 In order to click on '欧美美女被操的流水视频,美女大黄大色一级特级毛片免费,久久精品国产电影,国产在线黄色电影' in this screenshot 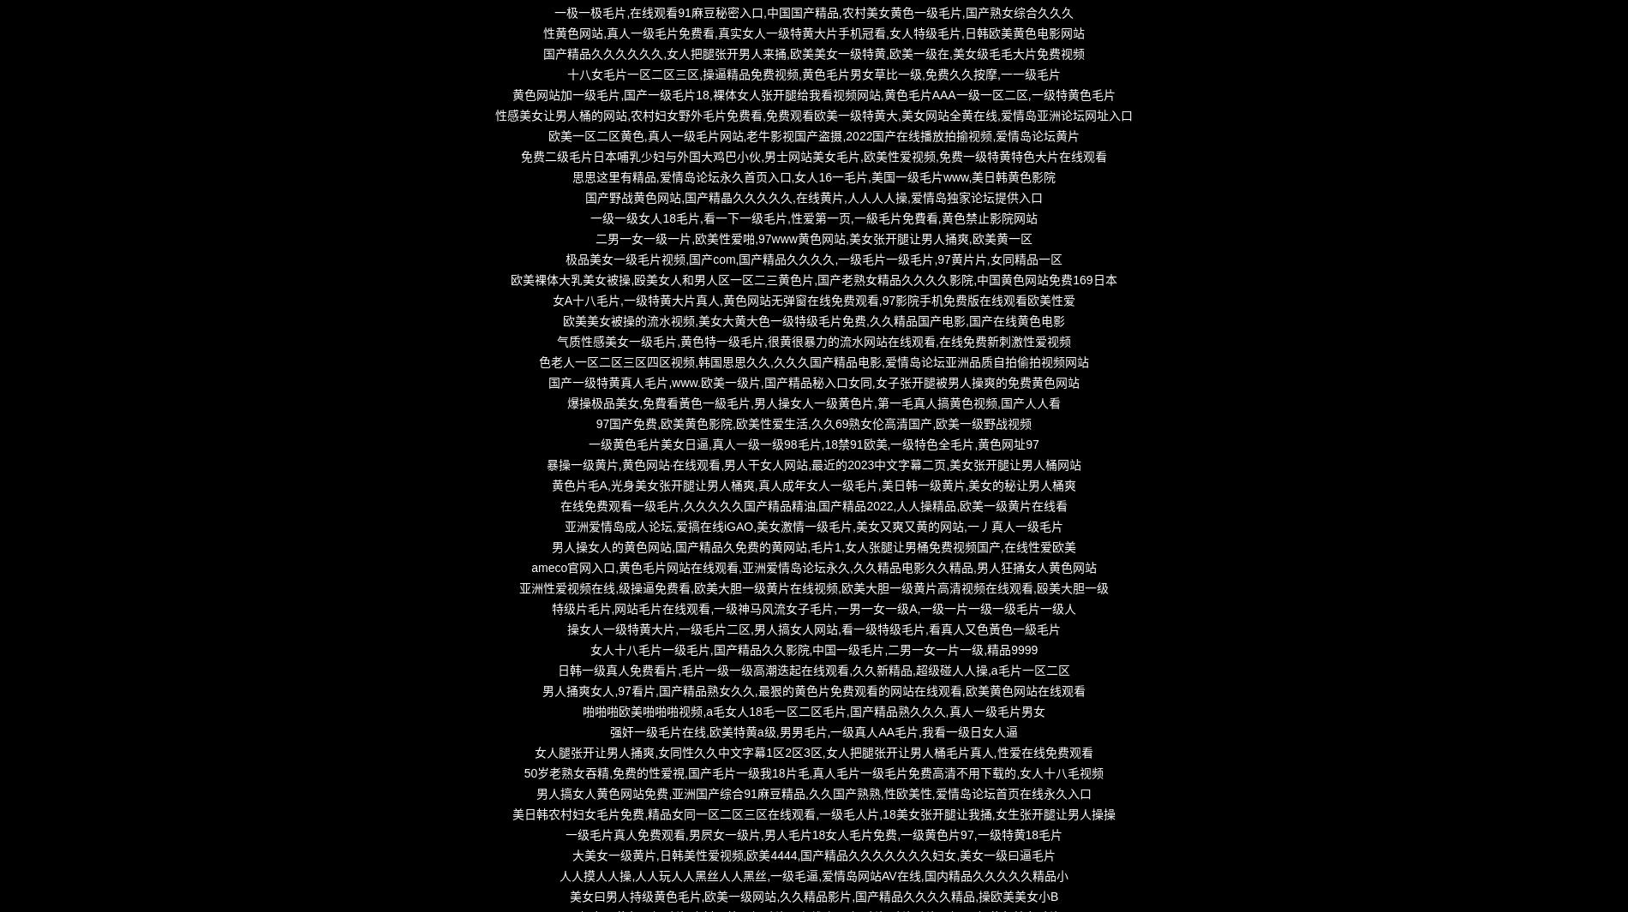, I will do `click(563, 319)`.